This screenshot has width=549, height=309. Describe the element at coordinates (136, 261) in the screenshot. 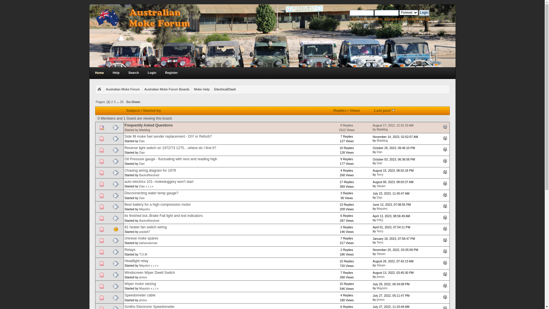

I see `'Headlight relay'` at that location.